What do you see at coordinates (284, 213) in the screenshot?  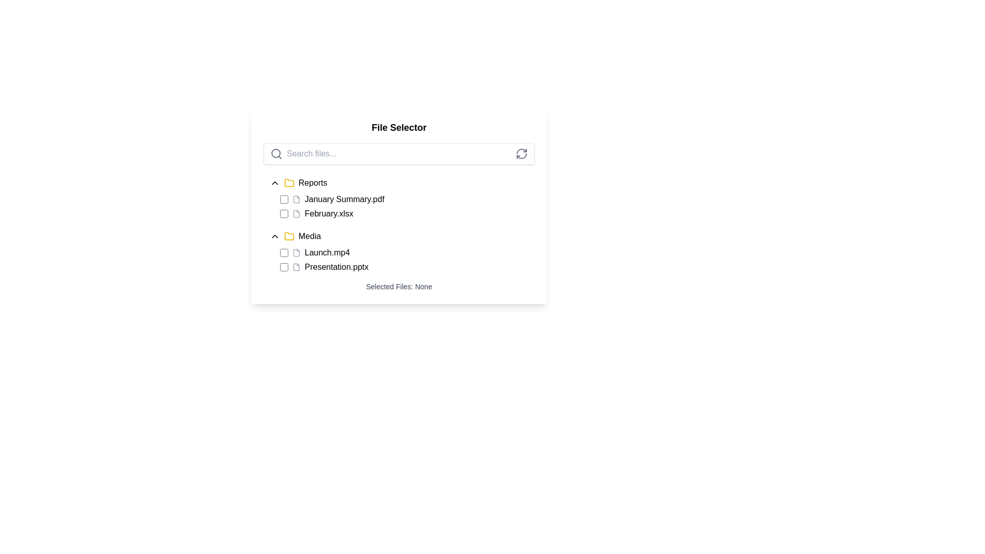 I see `the checkbox located at the beginning of the 'February.xlsx' file row` at bounding box center [284, 213].